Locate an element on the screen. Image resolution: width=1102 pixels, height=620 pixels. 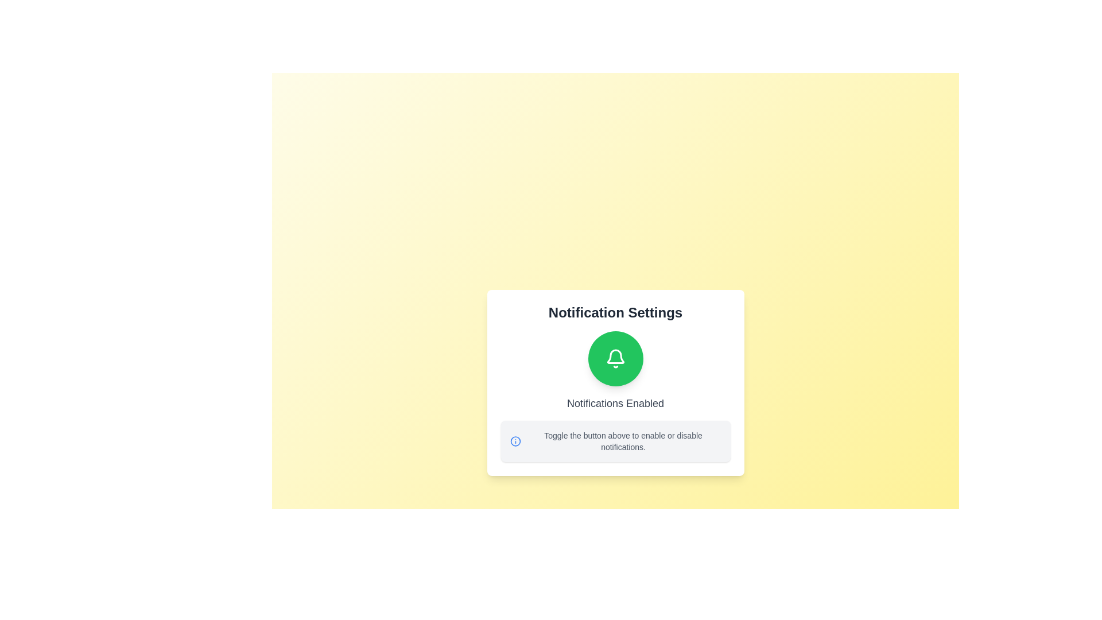
the informational icon to display additional details is located at coordinates (514, 440).